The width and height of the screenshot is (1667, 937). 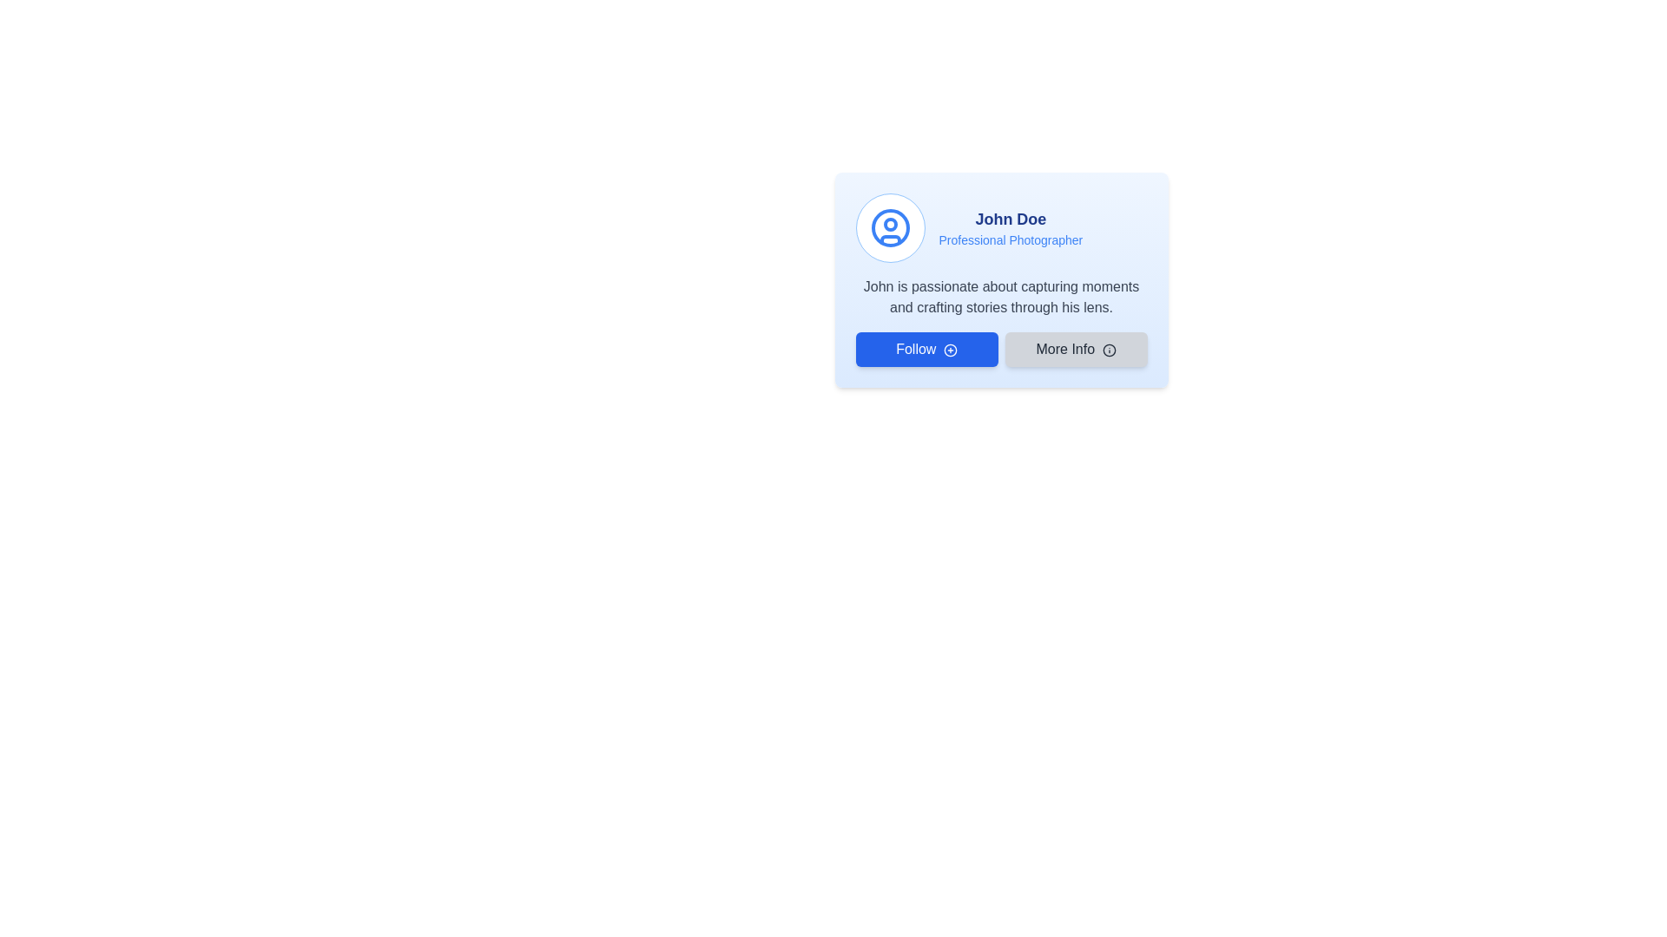 What do you see at coordinates (890, 226) in the screenshot?
I see `the user profile icon, which is represented by a white circular background with a blue border, located at the top-left corner of the user information card` at bounding box center [890, 226].